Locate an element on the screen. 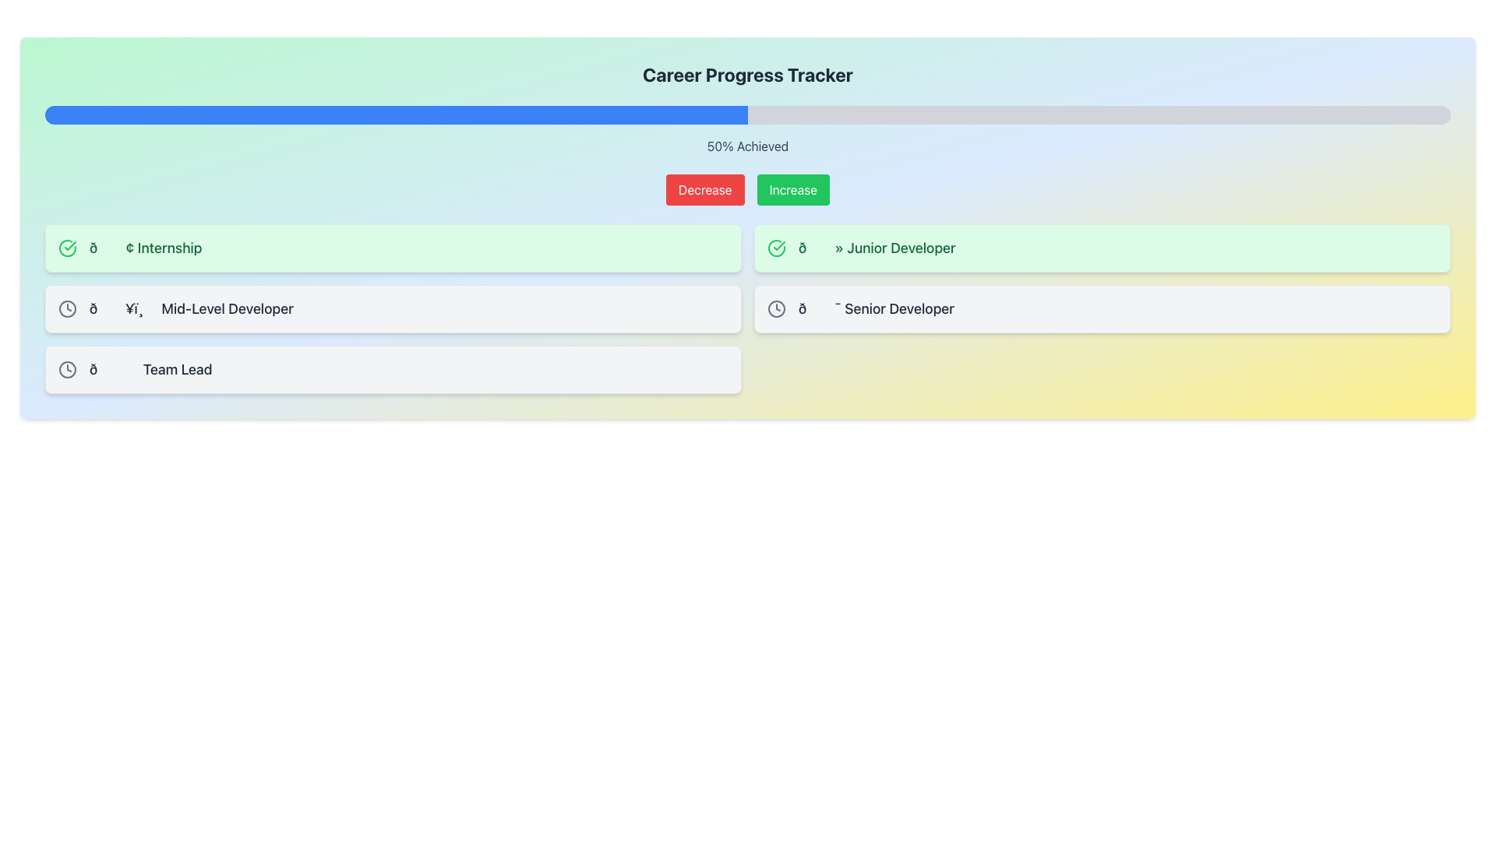  the circular gray clock icon that represents 'Mid-Level Developer', located next to the text in the middle row of the career progression stages is located at coordinates (66, 309).